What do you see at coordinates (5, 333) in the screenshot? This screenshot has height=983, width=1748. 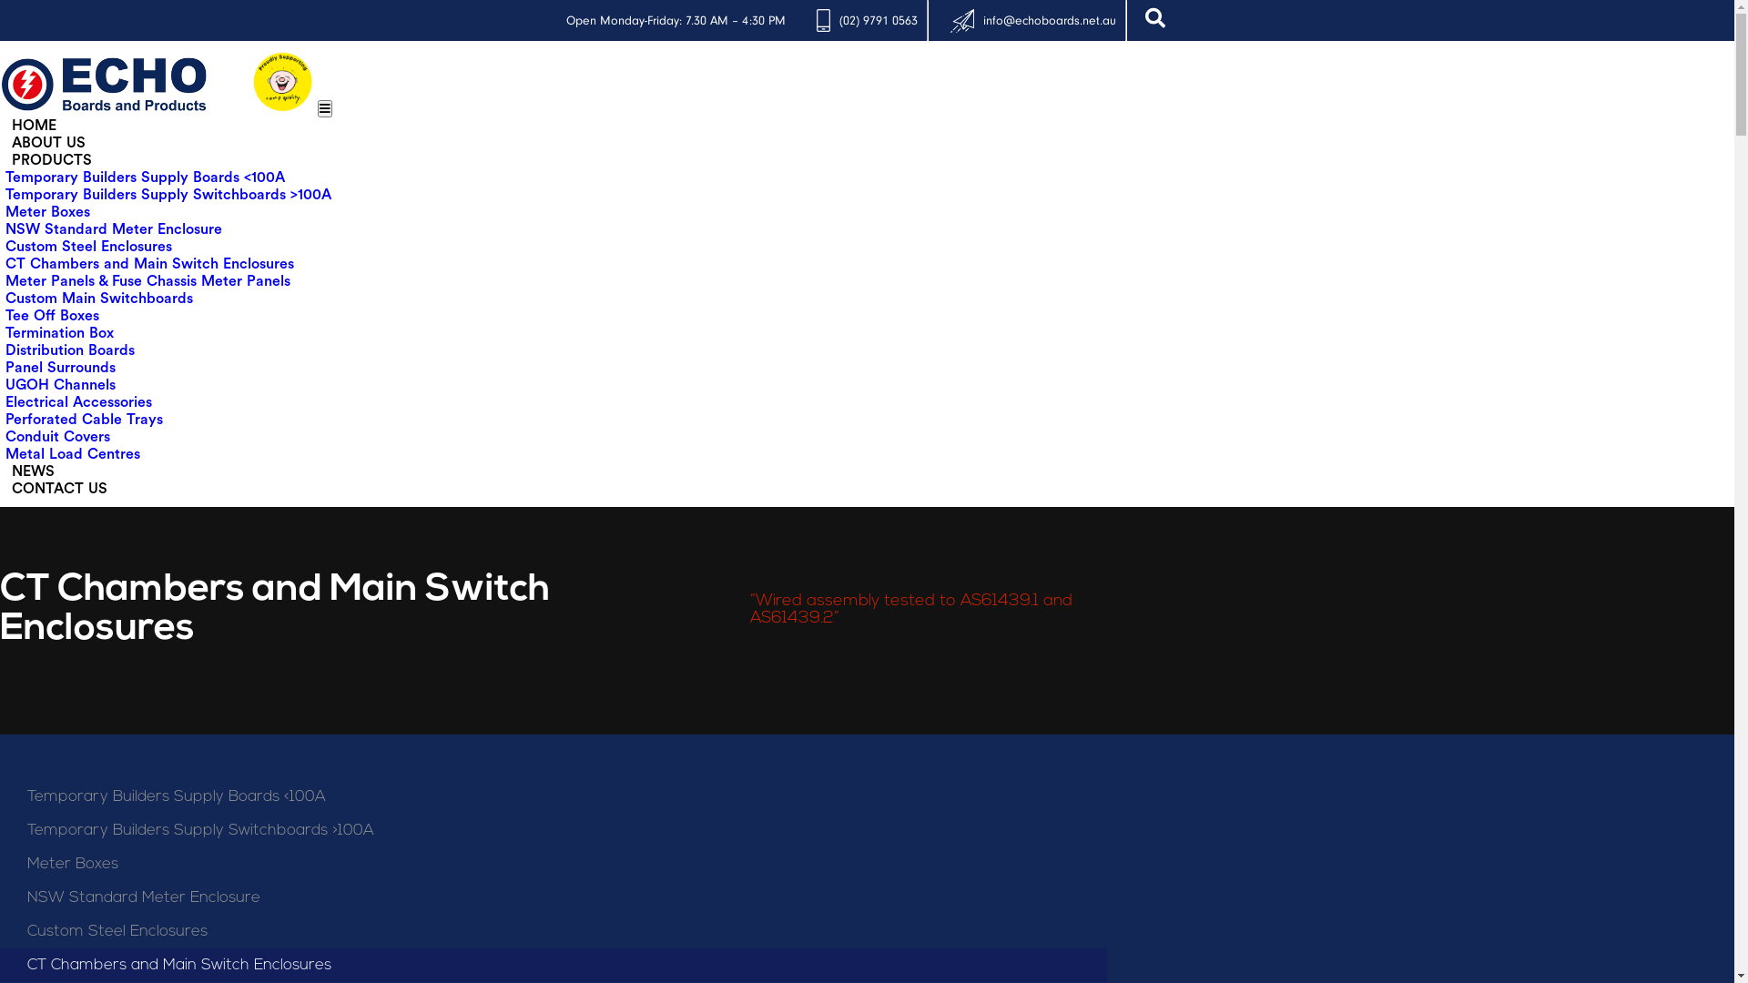 I see `'Termination Box'` at bounding box center [5, 333].